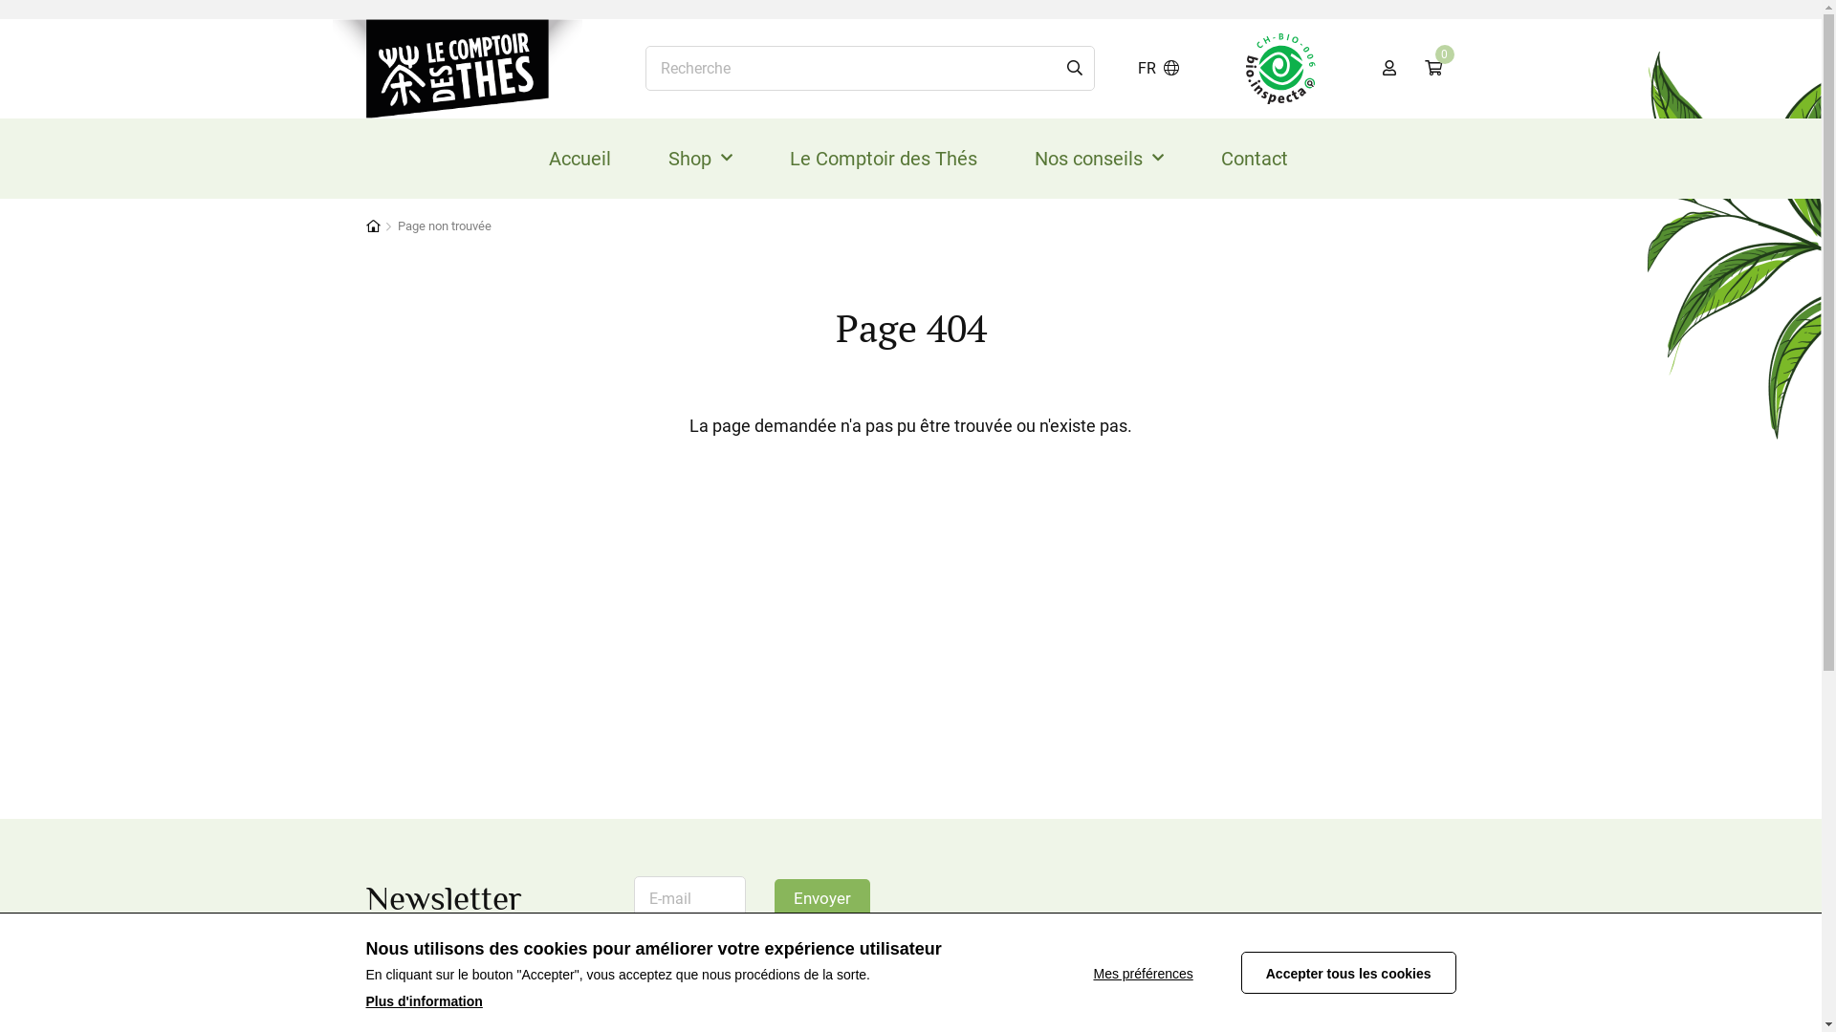 Image resolution: width=1836 pixels, height=1032 pixels. What do you see at coordinates (699, 157) in the screenshot?
I see `'Shop'` at bounding box center [699, 157].